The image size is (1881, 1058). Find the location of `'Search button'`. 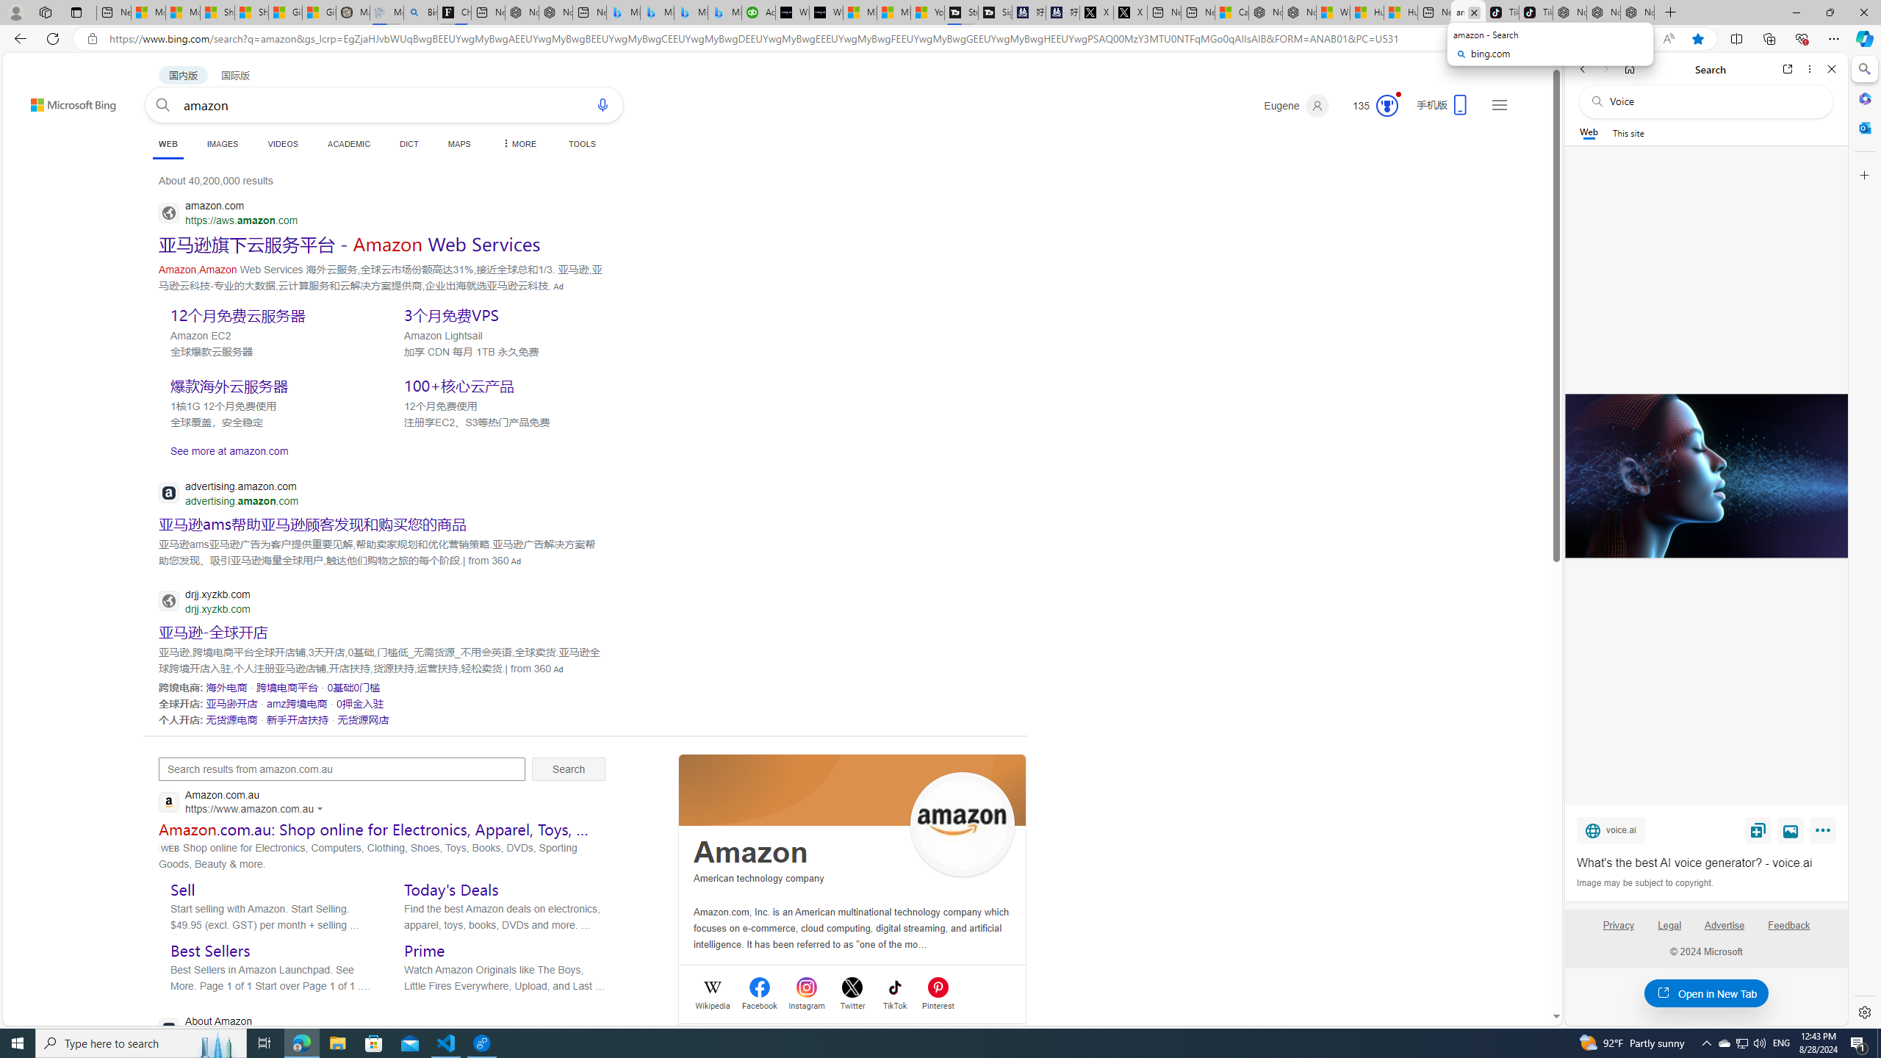

'Search button' is located at coordinates (162, 104).